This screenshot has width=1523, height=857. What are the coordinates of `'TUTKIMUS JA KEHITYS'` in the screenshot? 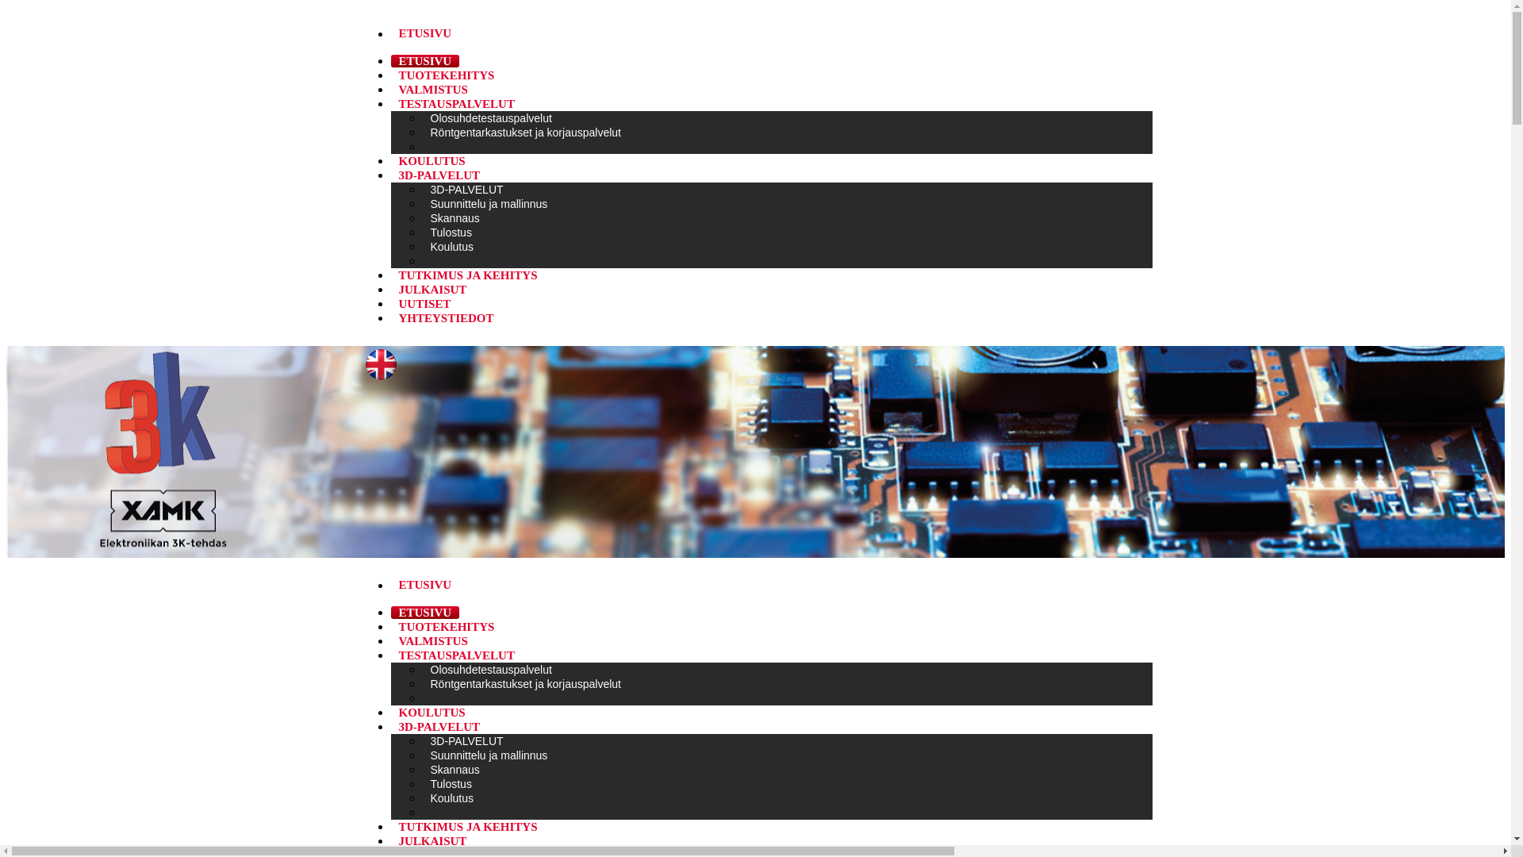 It's located at (466, 275).